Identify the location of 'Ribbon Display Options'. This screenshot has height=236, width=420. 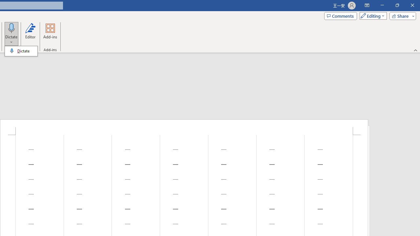
(367, 5).